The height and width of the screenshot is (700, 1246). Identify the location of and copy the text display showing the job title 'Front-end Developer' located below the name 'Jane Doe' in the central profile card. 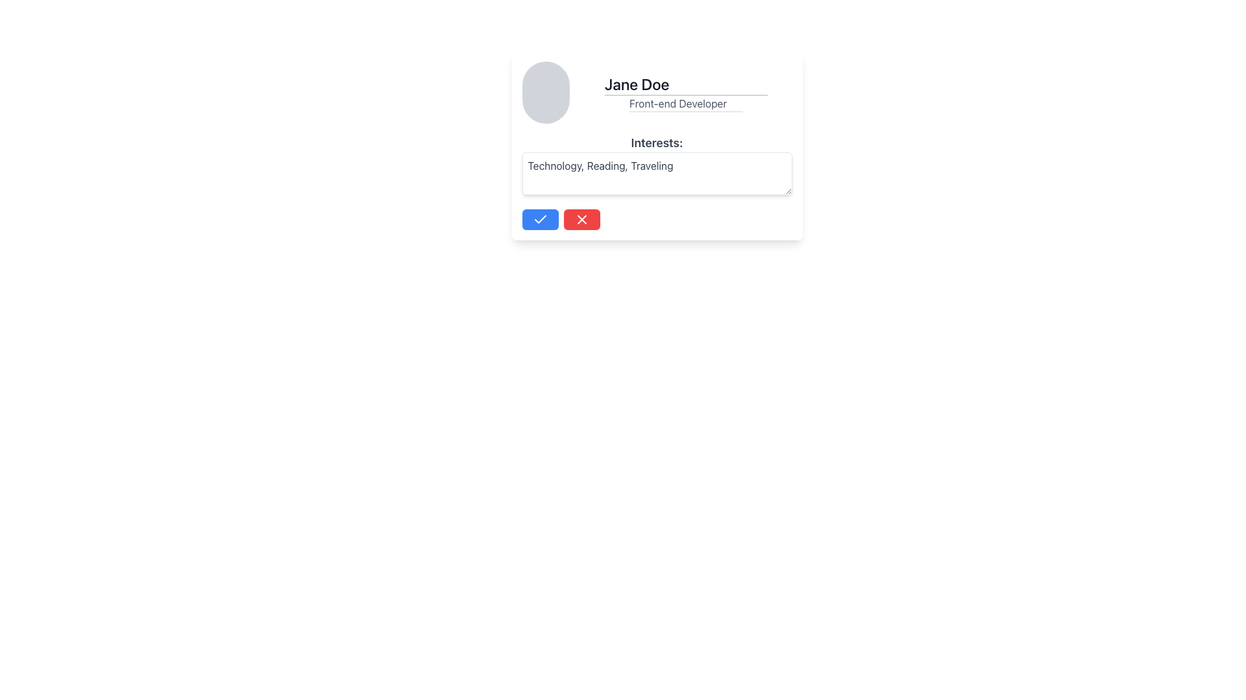
(685, 102).